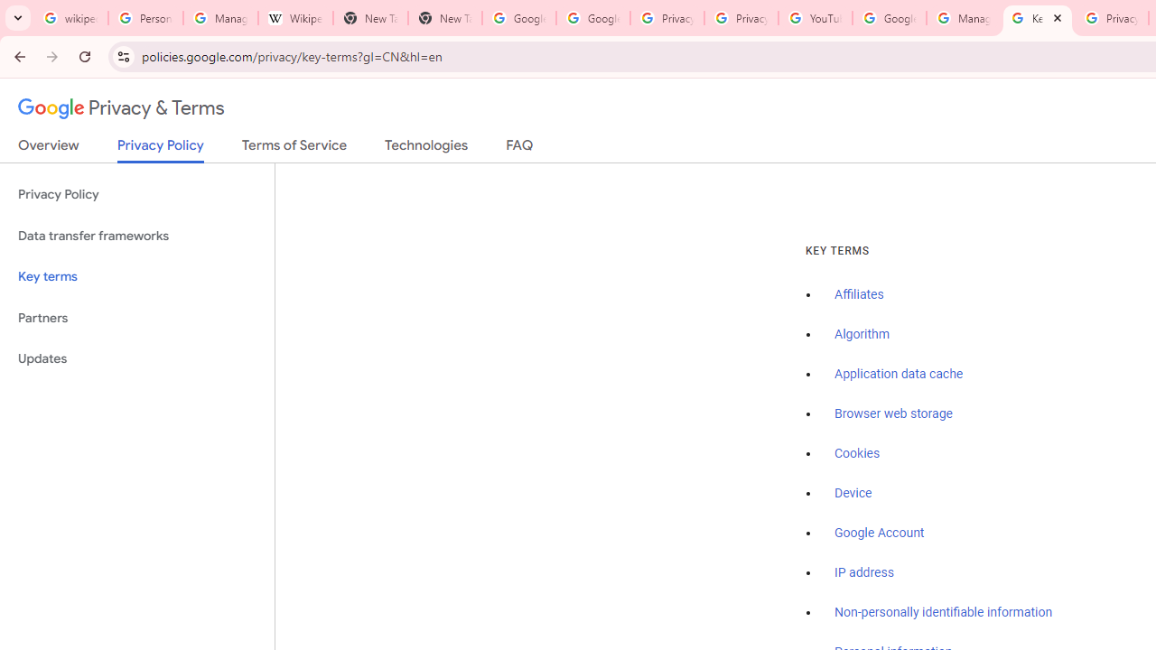 The height and width of the screenshot is (650, 1156). Describe the element at coordinates (856, 452) in the screenshot. I see `'Cookies'` at that location.